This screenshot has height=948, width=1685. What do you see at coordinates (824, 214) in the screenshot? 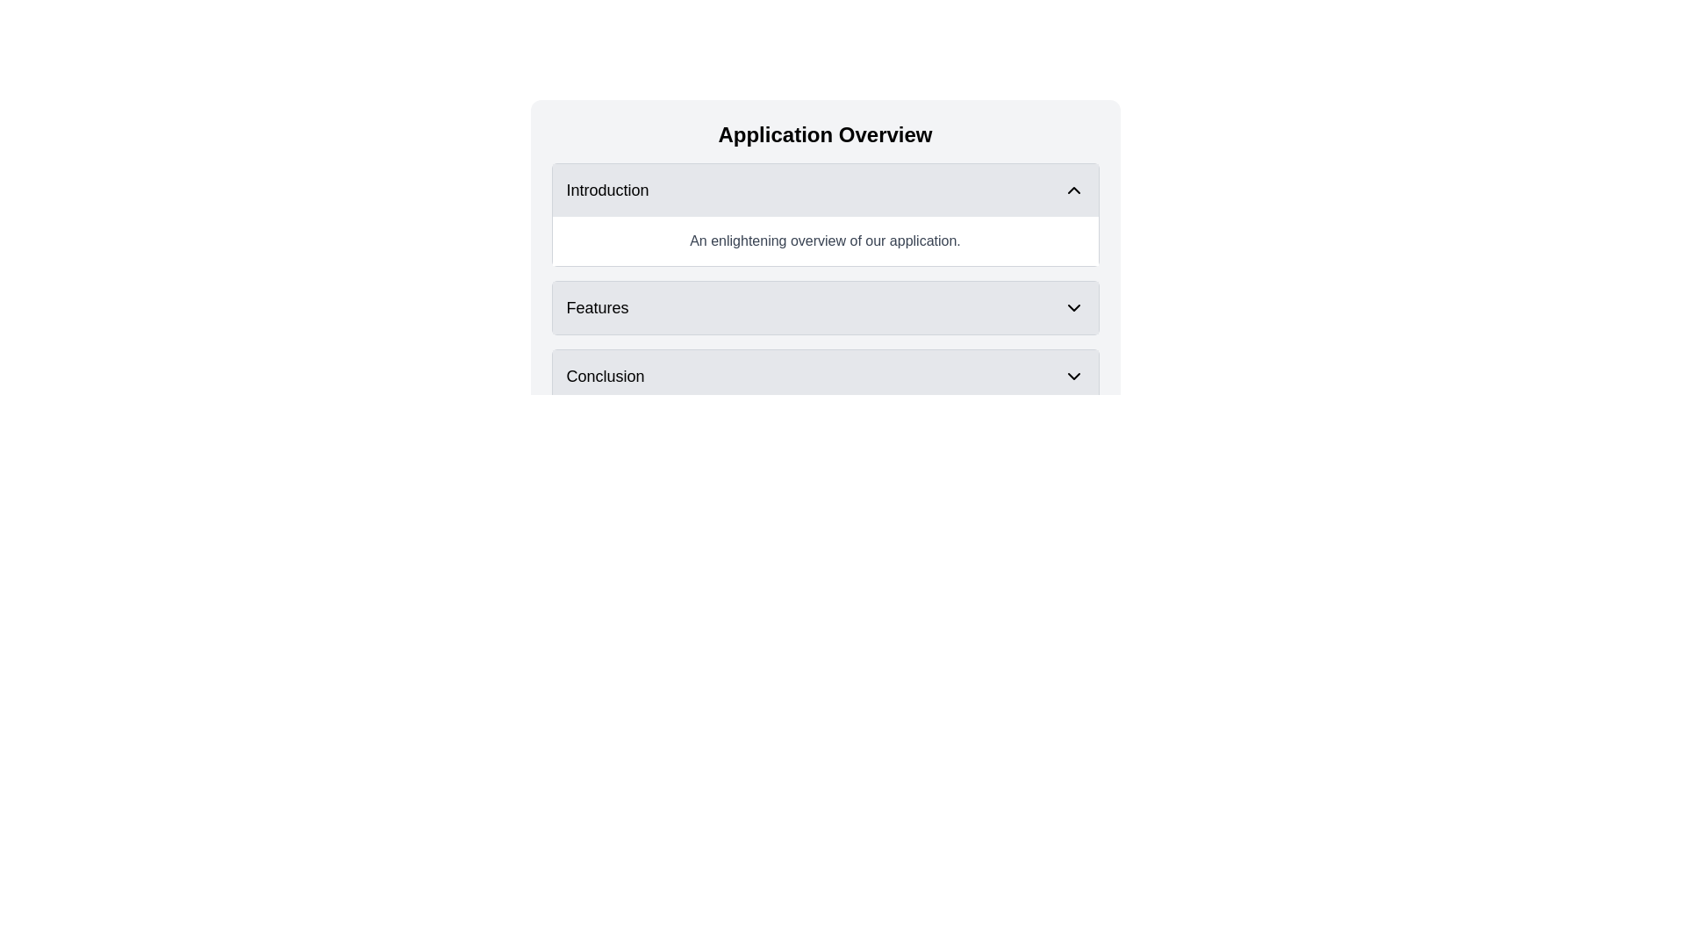
I see `the 'Introduction' collapsible section, which is styled with a rounded border and light-gray background, located in the application overview` at bounding box center [824, 214].